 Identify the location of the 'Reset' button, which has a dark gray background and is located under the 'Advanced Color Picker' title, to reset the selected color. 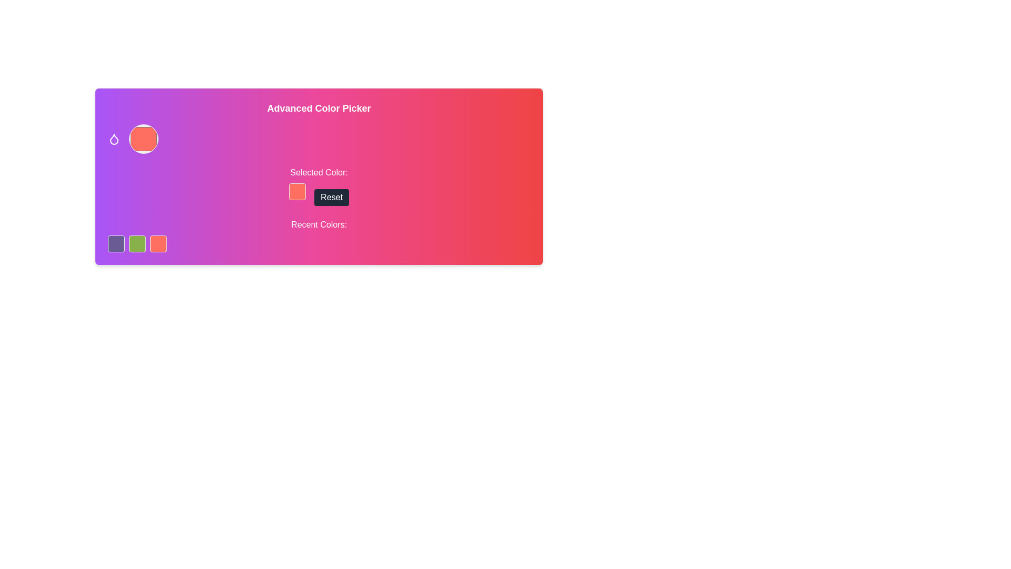
(331, 197).